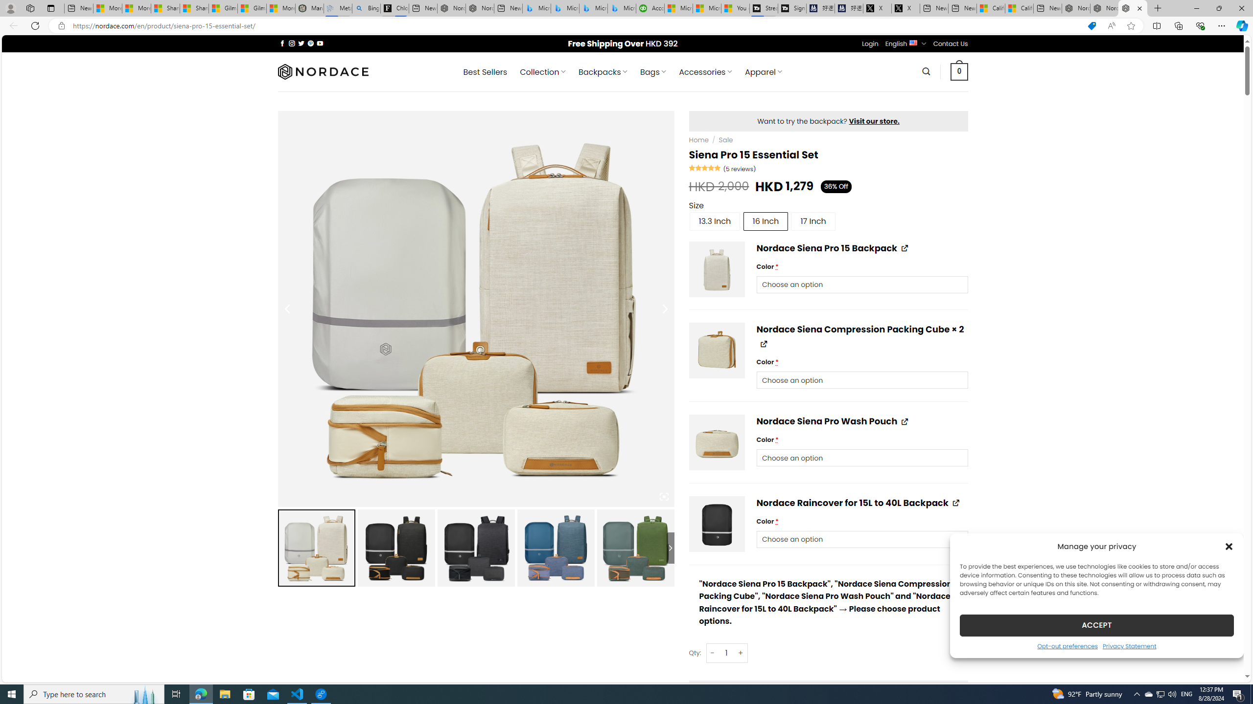  What do you see at coordinates (622, 8) in the screenshot?
I see `'Microsoft Bing Travel - Shangri-La Hotel Bangkok'` at bounding box center [622, 8].